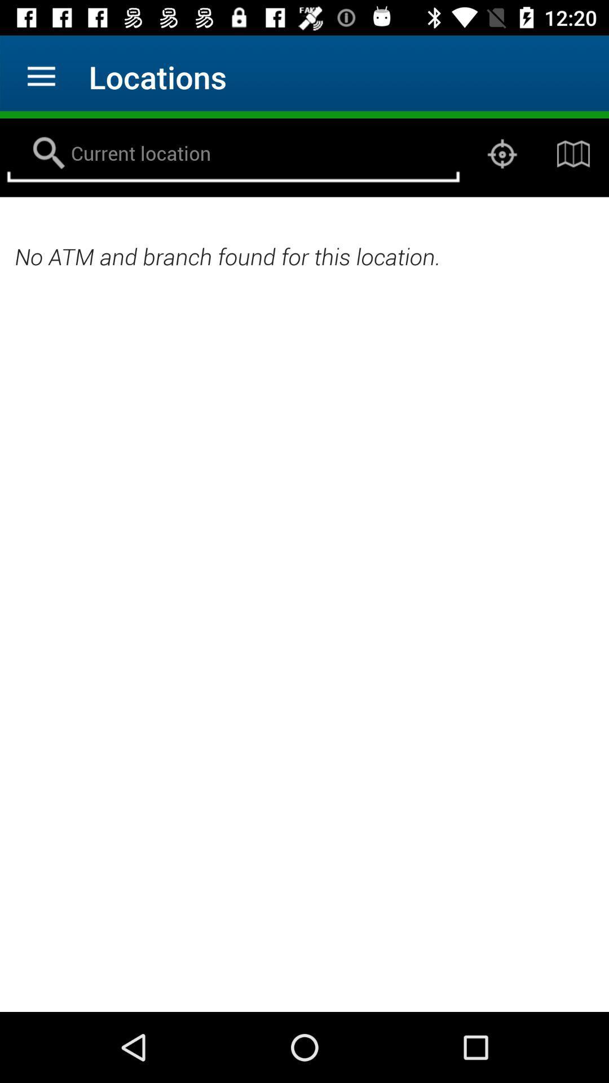 This screenshot has width=609, height=1083. Describe the element at coordinates (573, 153) in the screenshot. I see `the book icon` at that location.